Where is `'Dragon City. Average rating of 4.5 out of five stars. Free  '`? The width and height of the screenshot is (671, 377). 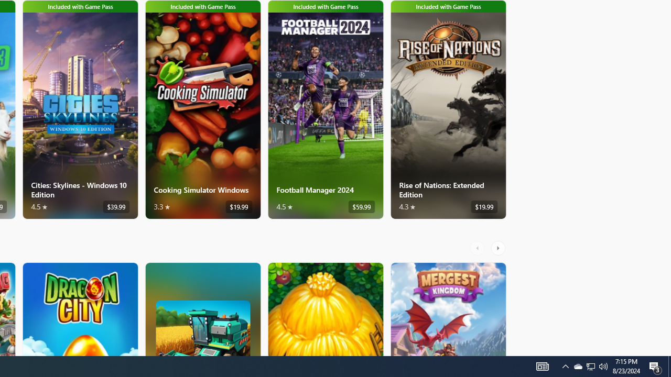
'Dragon City. Average rating of 4.5 out of five stars. Free  ' is located at coordinates (79, 308).